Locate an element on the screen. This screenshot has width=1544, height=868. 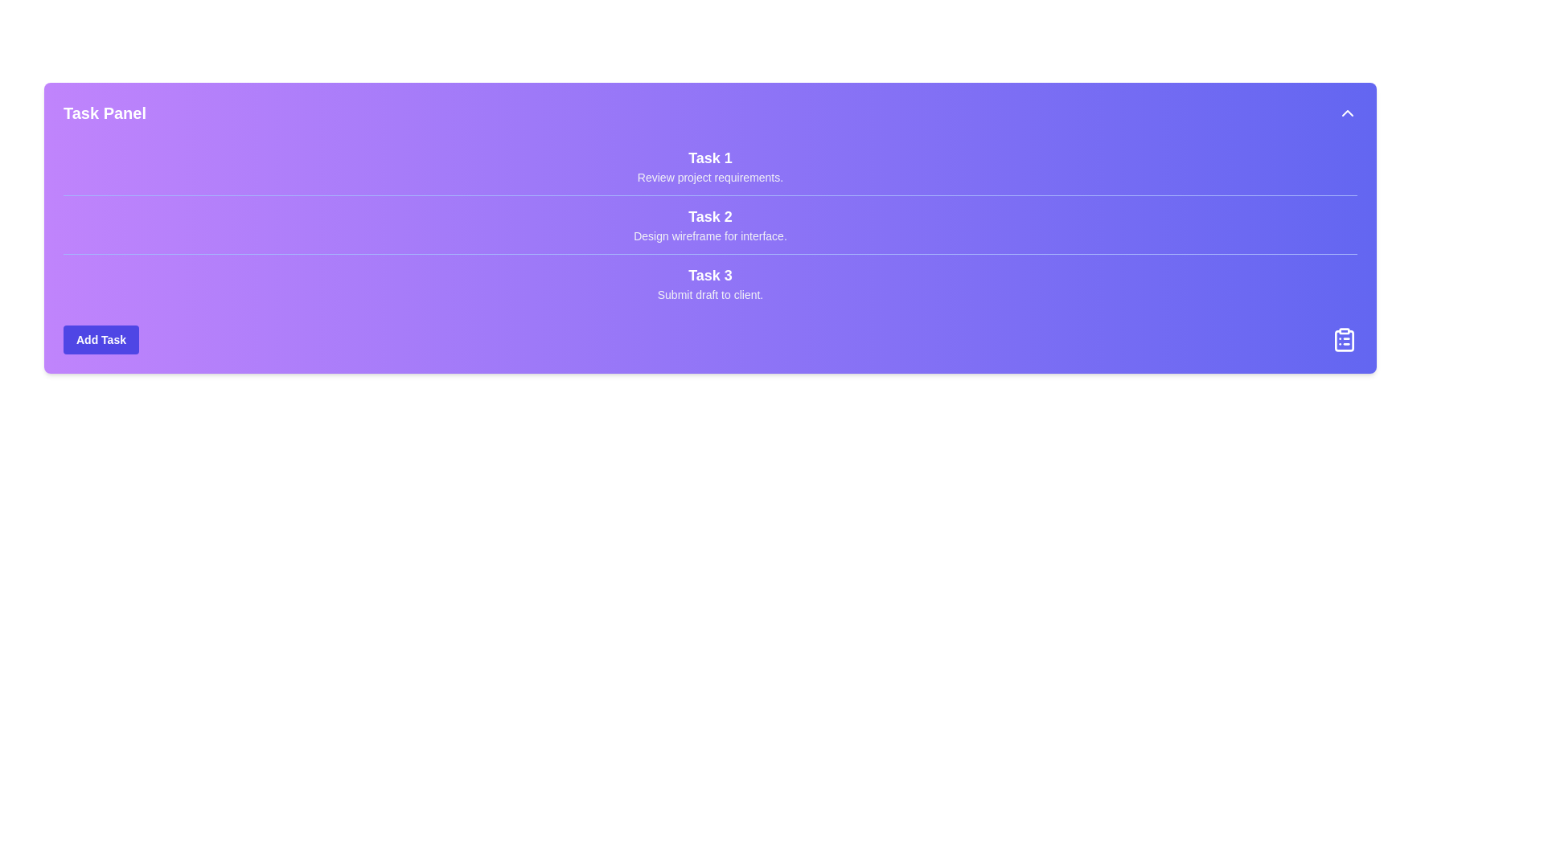
the task list item labeled 'Task 1' is located at coordinates (709, 166).